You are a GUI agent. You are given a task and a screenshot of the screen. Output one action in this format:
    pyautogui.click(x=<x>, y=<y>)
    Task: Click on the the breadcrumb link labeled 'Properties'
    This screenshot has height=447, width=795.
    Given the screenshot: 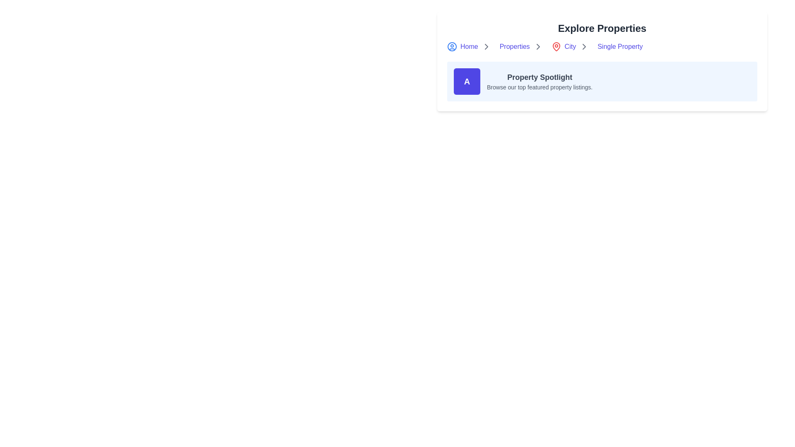 What is the action you would take?
    pyautogui.click(x=523, y=46)
    